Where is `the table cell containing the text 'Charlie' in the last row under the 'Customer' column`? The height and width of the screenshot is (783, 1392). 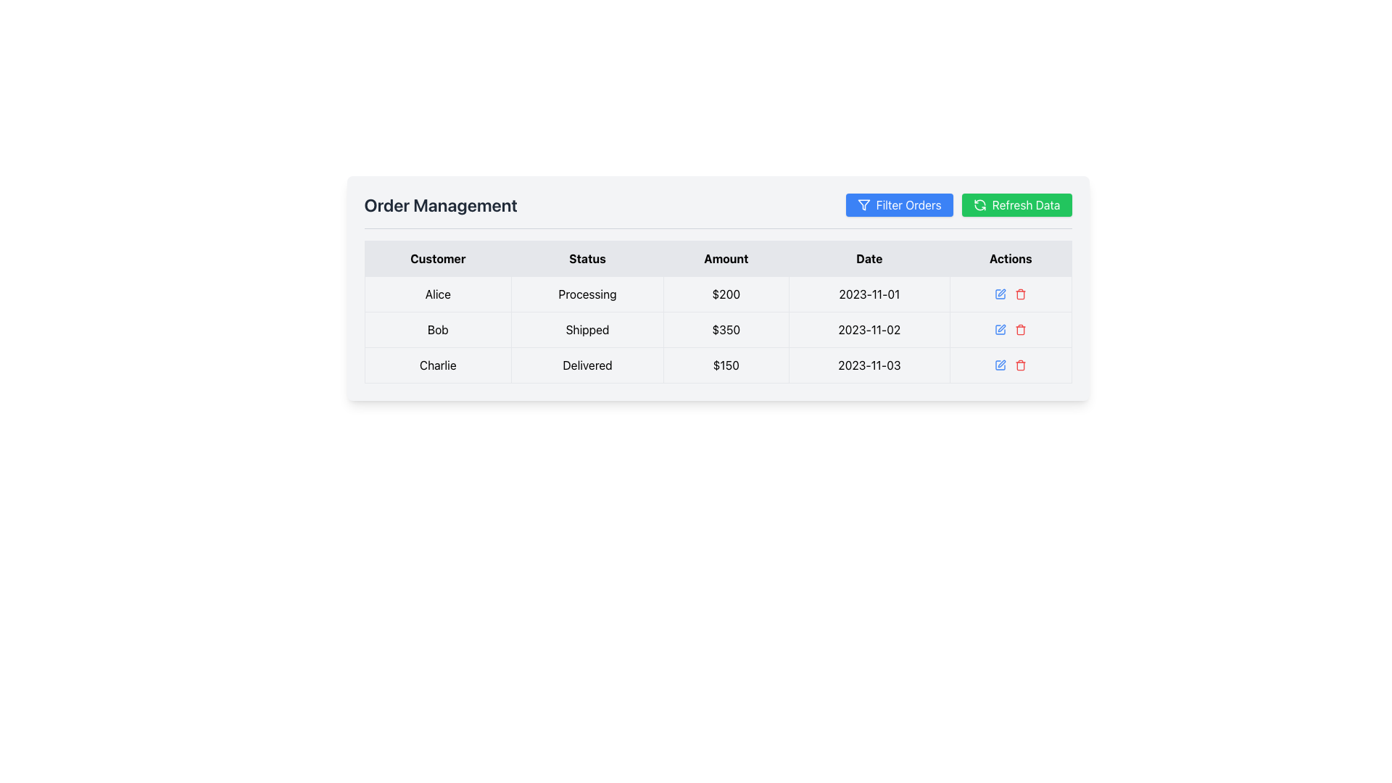
the table cell containing the text 'Charlie' in the last row under the 'Customer' column is located at coordinates (437, 365).